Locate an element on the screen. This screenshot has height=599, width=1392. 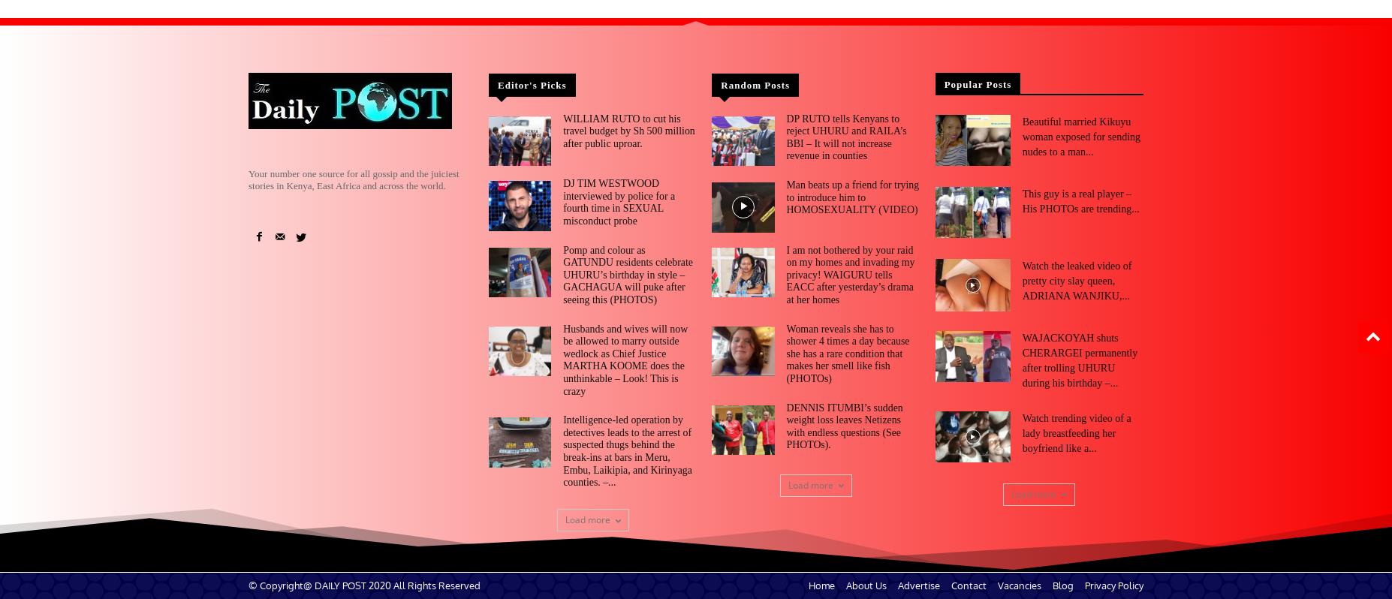
'WILLIAM RUTO to cut his travel budget by Sh 500 million after public uproar.' is located at coordinates (562, 129).